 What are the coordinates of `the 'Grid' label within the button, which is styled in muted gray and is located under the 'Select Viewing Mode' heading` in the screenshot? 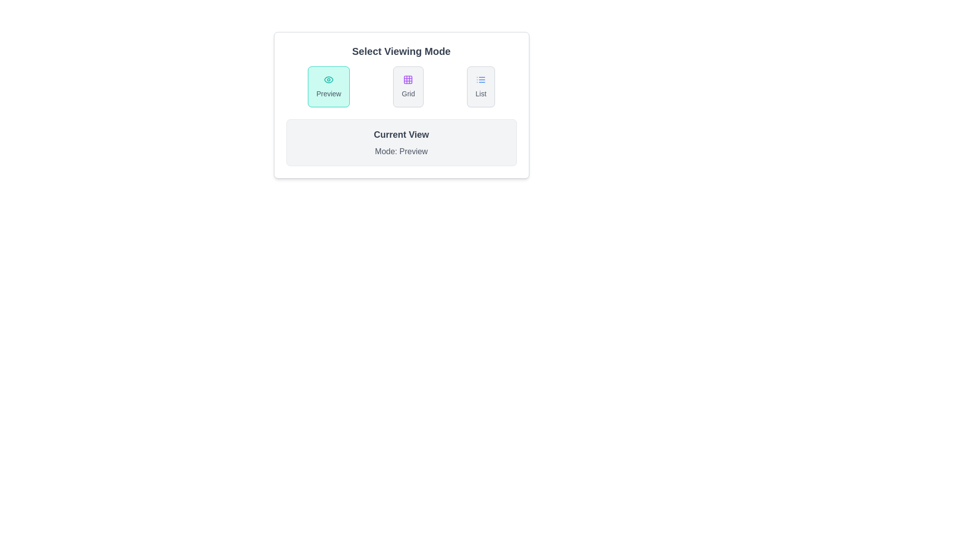 It's located at (408, 94).